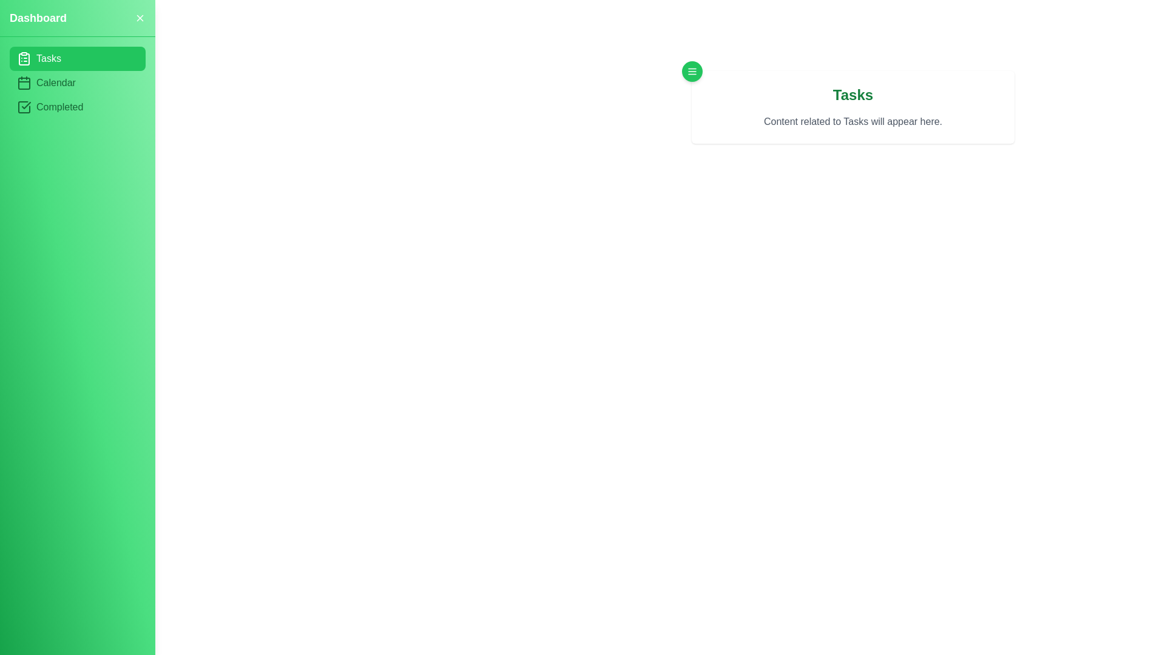 Image resolution: width=1165 pixels, height=655 pixels. Describe the element at coordinates (140, 18) in the screenshot. I see `the close button in the drawer menu to close it` at that location.